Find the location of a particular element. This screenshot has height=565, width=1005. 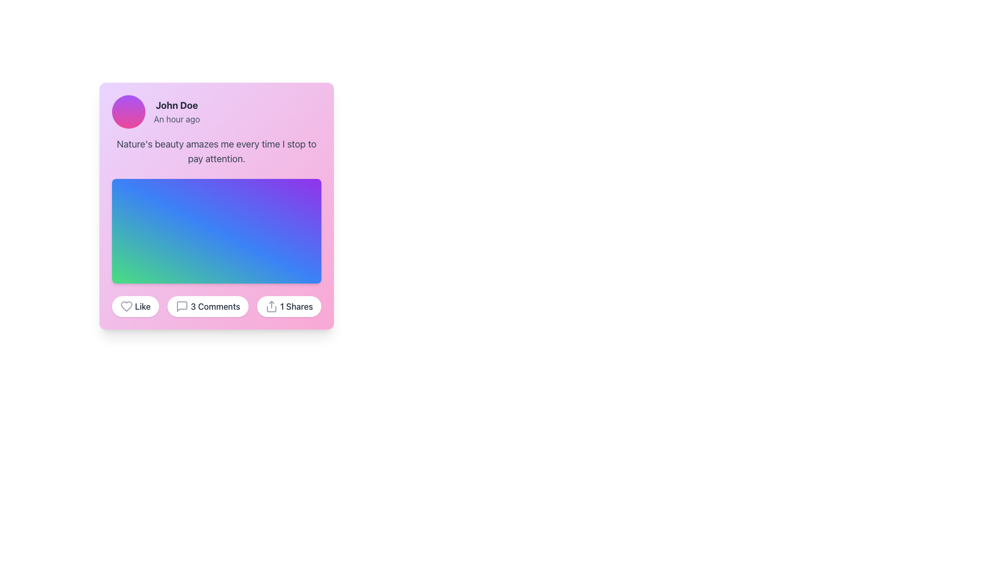

the Text element displaying the user name 'John Doe' and the timestamp 'An hour ago' in the top center area of the card-like interface is located at coordinates (176, 111).